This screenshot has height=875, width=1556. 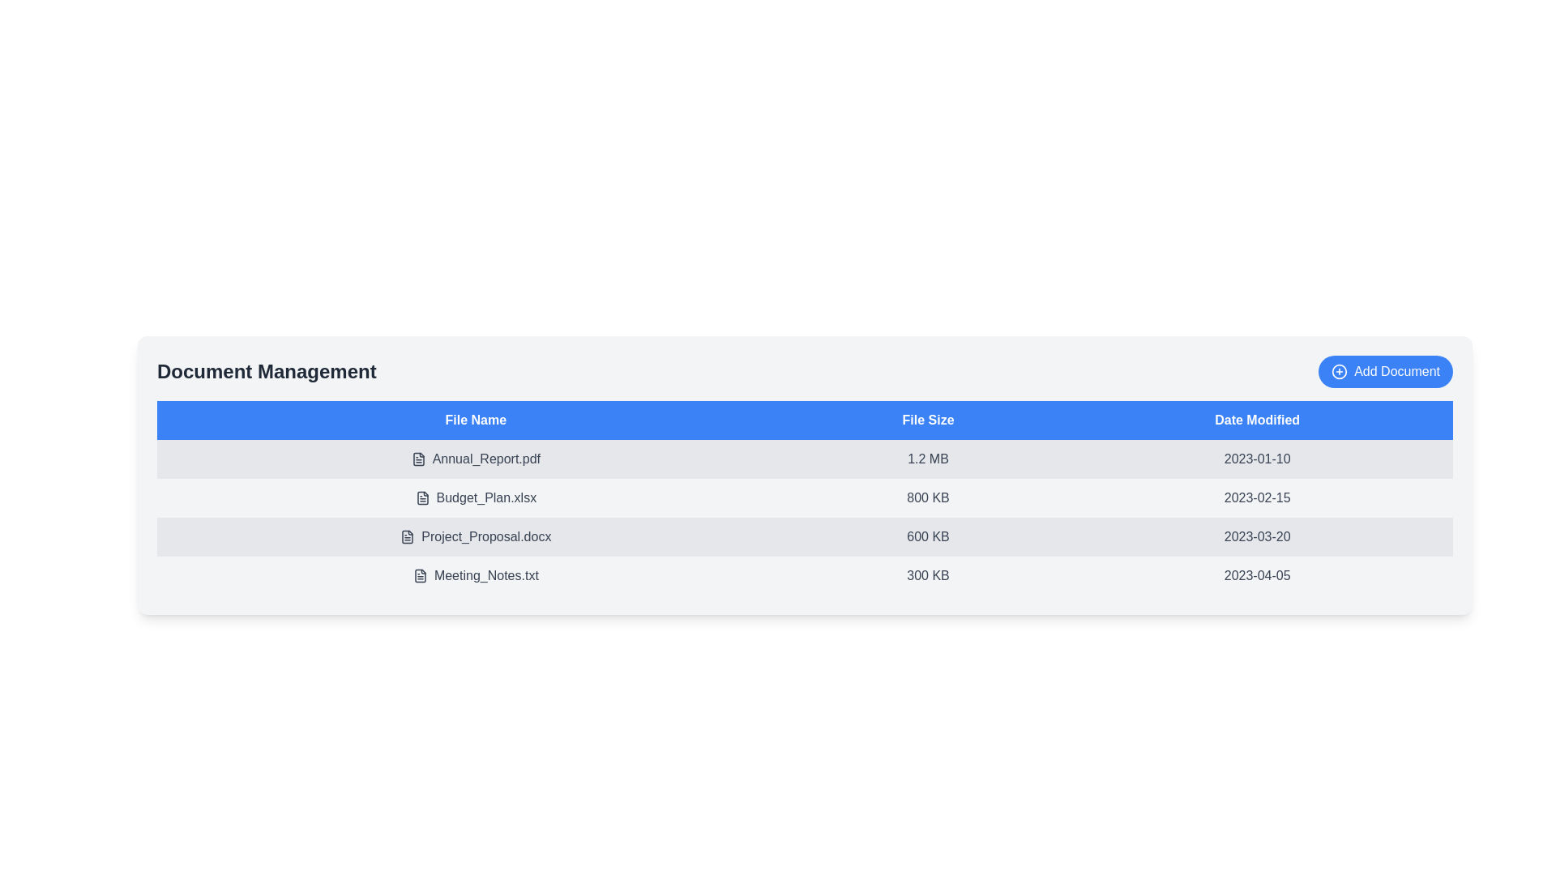 What do you see at coordinates (1256, 420) in the screenshot?
I see `the table header Date Modified to sort the document list by that column` at bounding box center [1256, 420].